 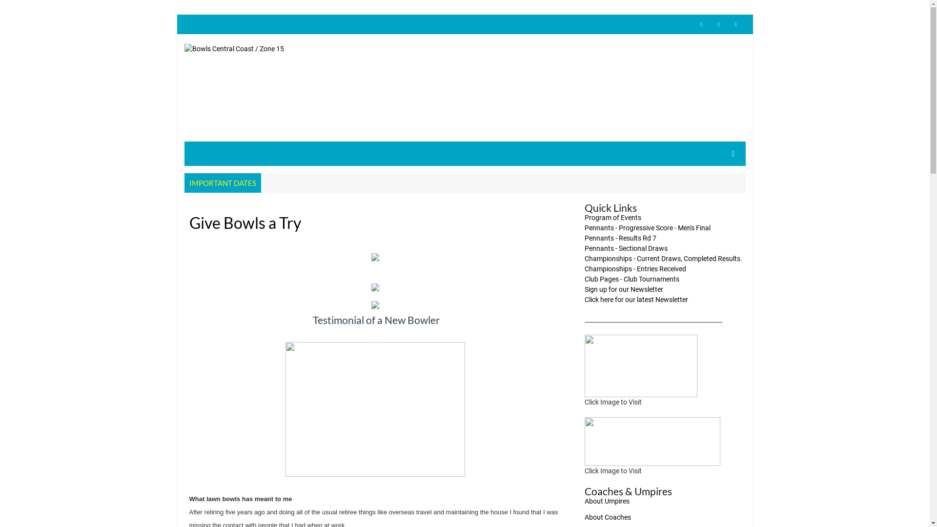 What do you see at coordinates (635, 269) in the screenshot?
I see `'Championships - Entries Received'` at bounding box center [635, 269].